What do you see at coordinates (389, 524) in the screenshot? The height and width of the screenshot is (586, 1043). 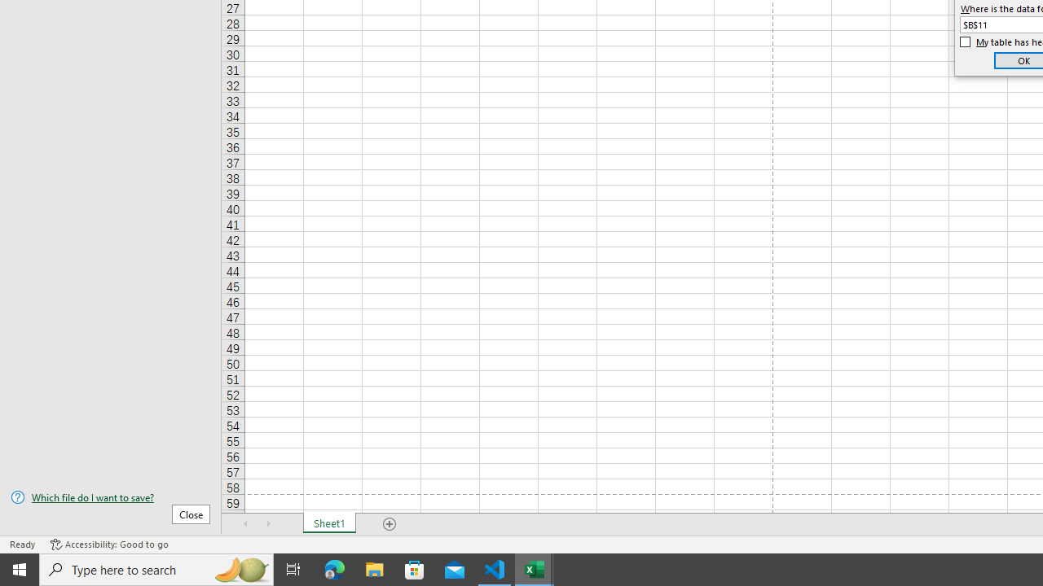 I see `'Add Sheet'` at bounding box center [389, 524].